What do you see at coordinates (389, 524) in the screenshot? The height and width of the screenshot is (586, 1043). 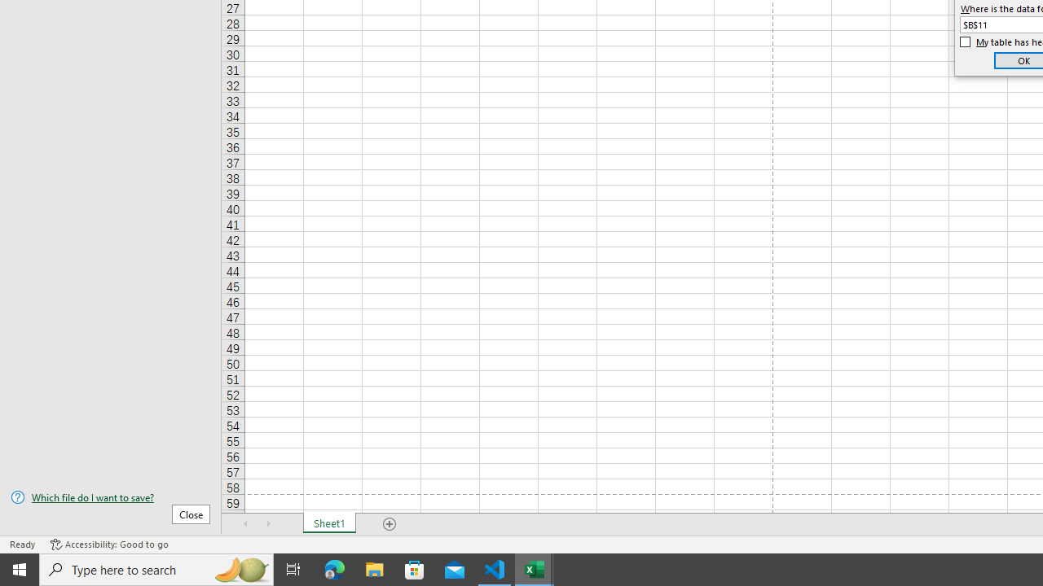 I see `'Add Sheet'` at bounding box center [389, 524].